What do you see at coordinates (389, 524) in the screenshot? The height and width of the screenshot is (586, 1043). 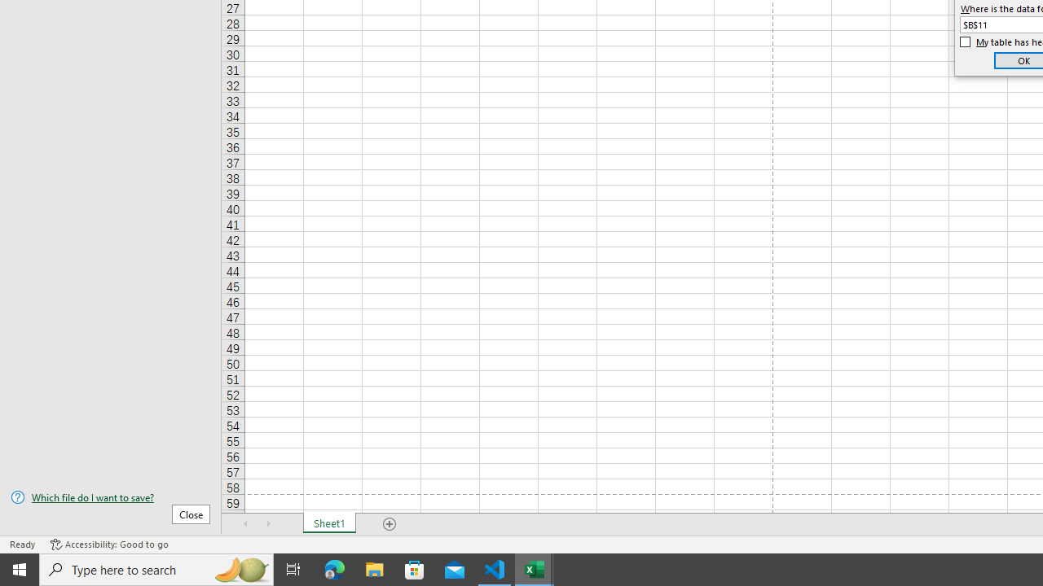 I see `'Add Sheet'` at bounding box center [389, 524].